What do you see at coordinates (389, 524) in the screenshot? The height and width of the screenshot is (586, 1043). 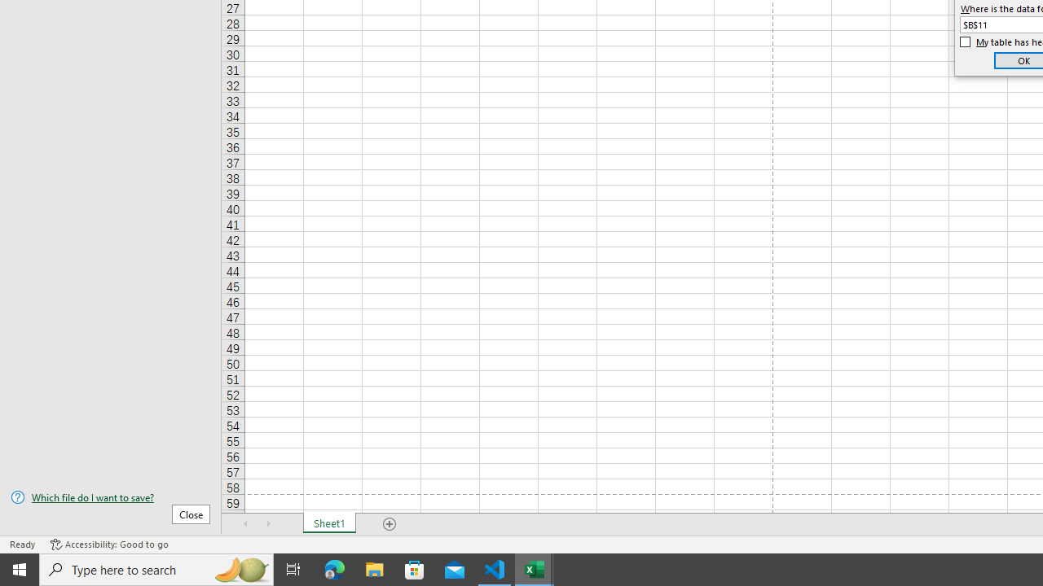 I see `'Add Sheet'` at bounding box center [389, 524].